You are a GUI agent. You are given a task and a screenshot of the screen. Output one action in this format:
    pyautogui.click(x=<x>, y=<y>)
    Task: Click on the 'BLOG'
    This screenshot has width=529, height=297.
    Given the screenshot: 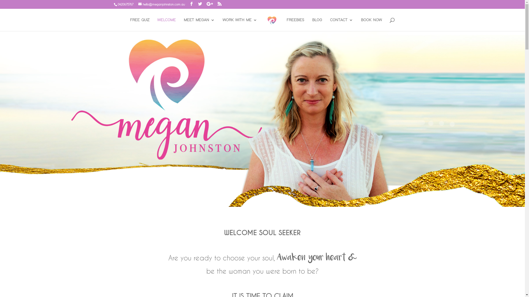 What is the action you would take?
    pyautogui.click(x=312, y=24)
    